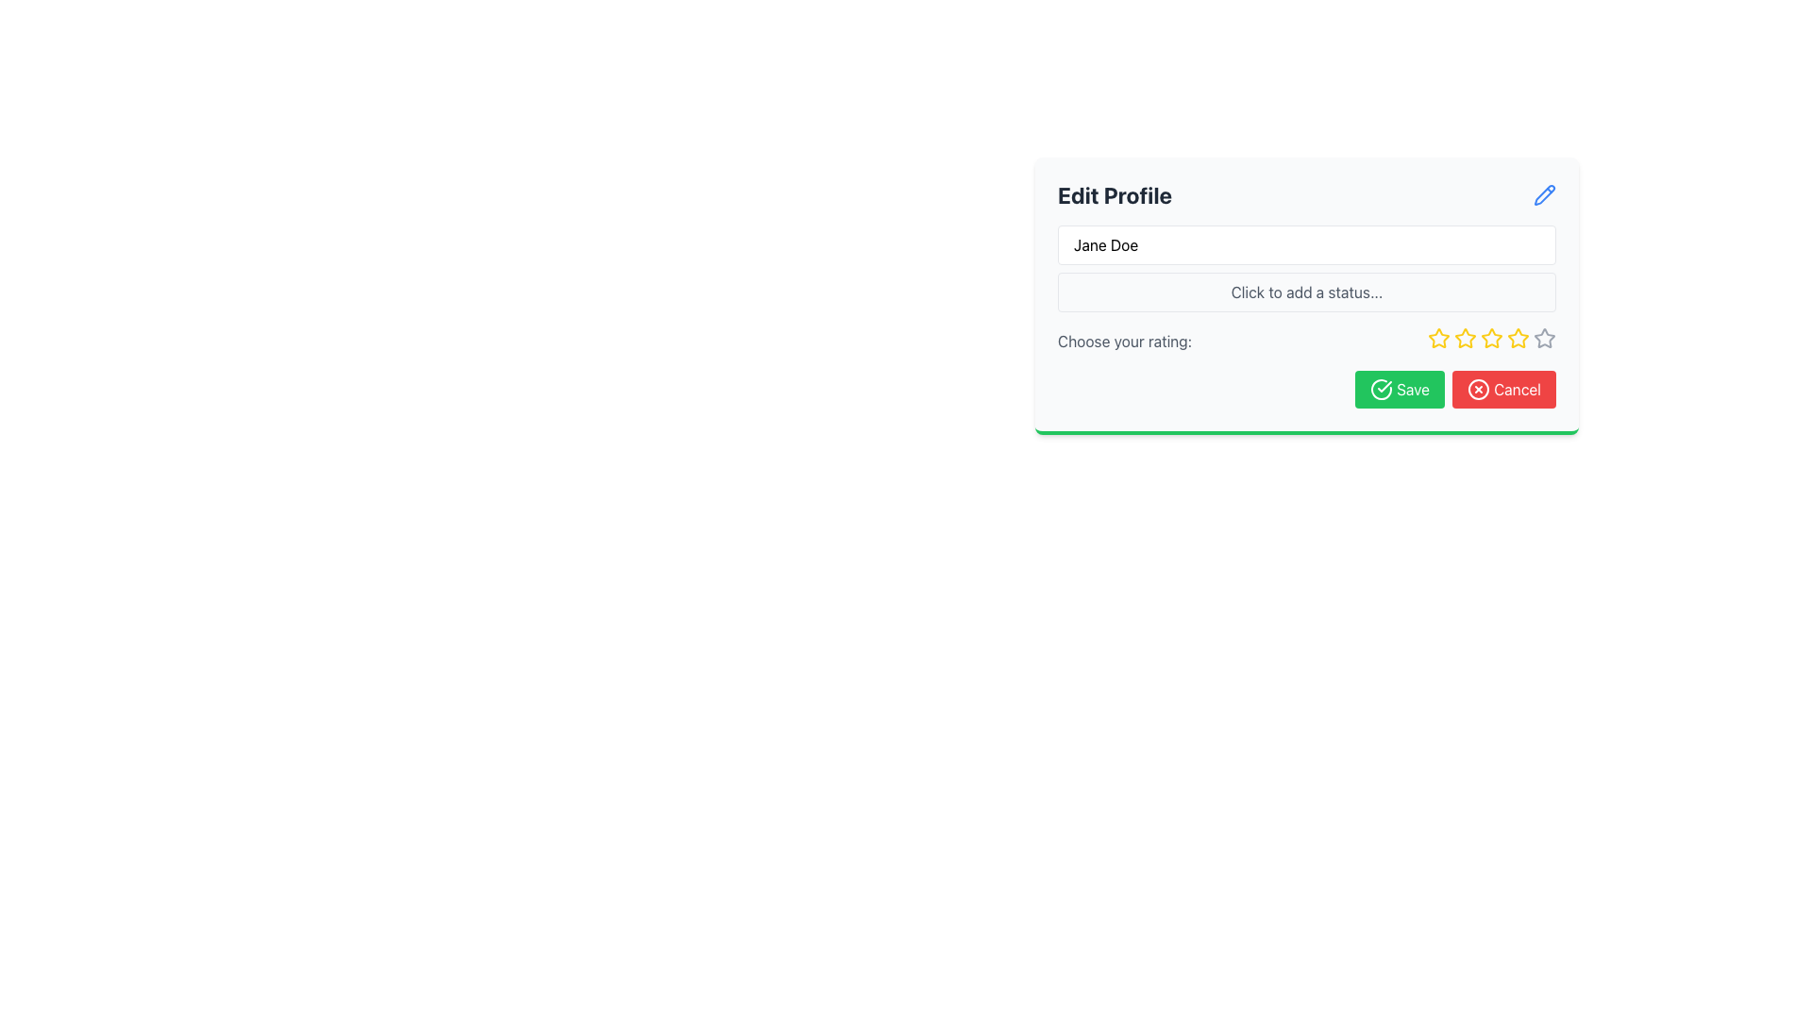 Image resolution: width=1812 pixels, height=1019 pixels. I want to click on on the first yellow star-shaped rating icon in the 'Choose your rating' section, so click(1438, 337).